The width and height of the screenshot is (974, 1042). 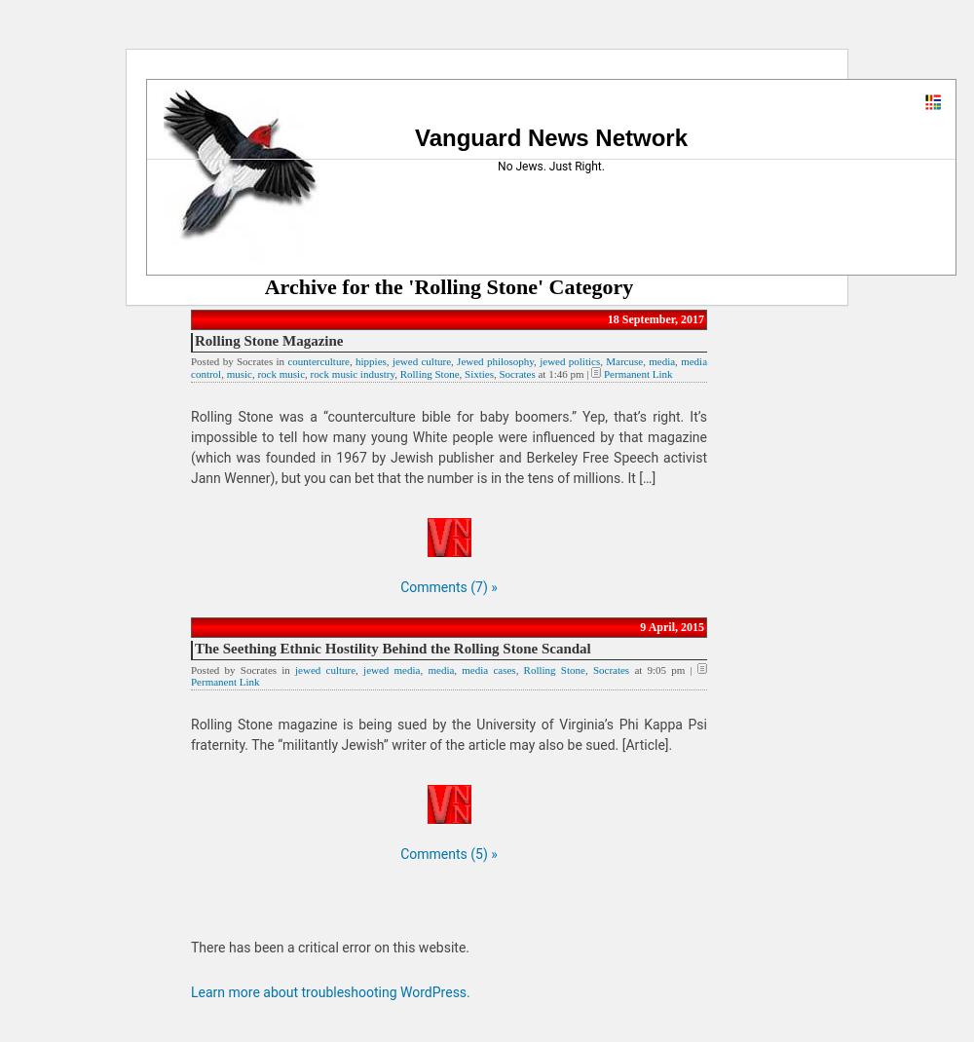 I want to click on 'at 1:46 pm |', so click(x=562, y=373).